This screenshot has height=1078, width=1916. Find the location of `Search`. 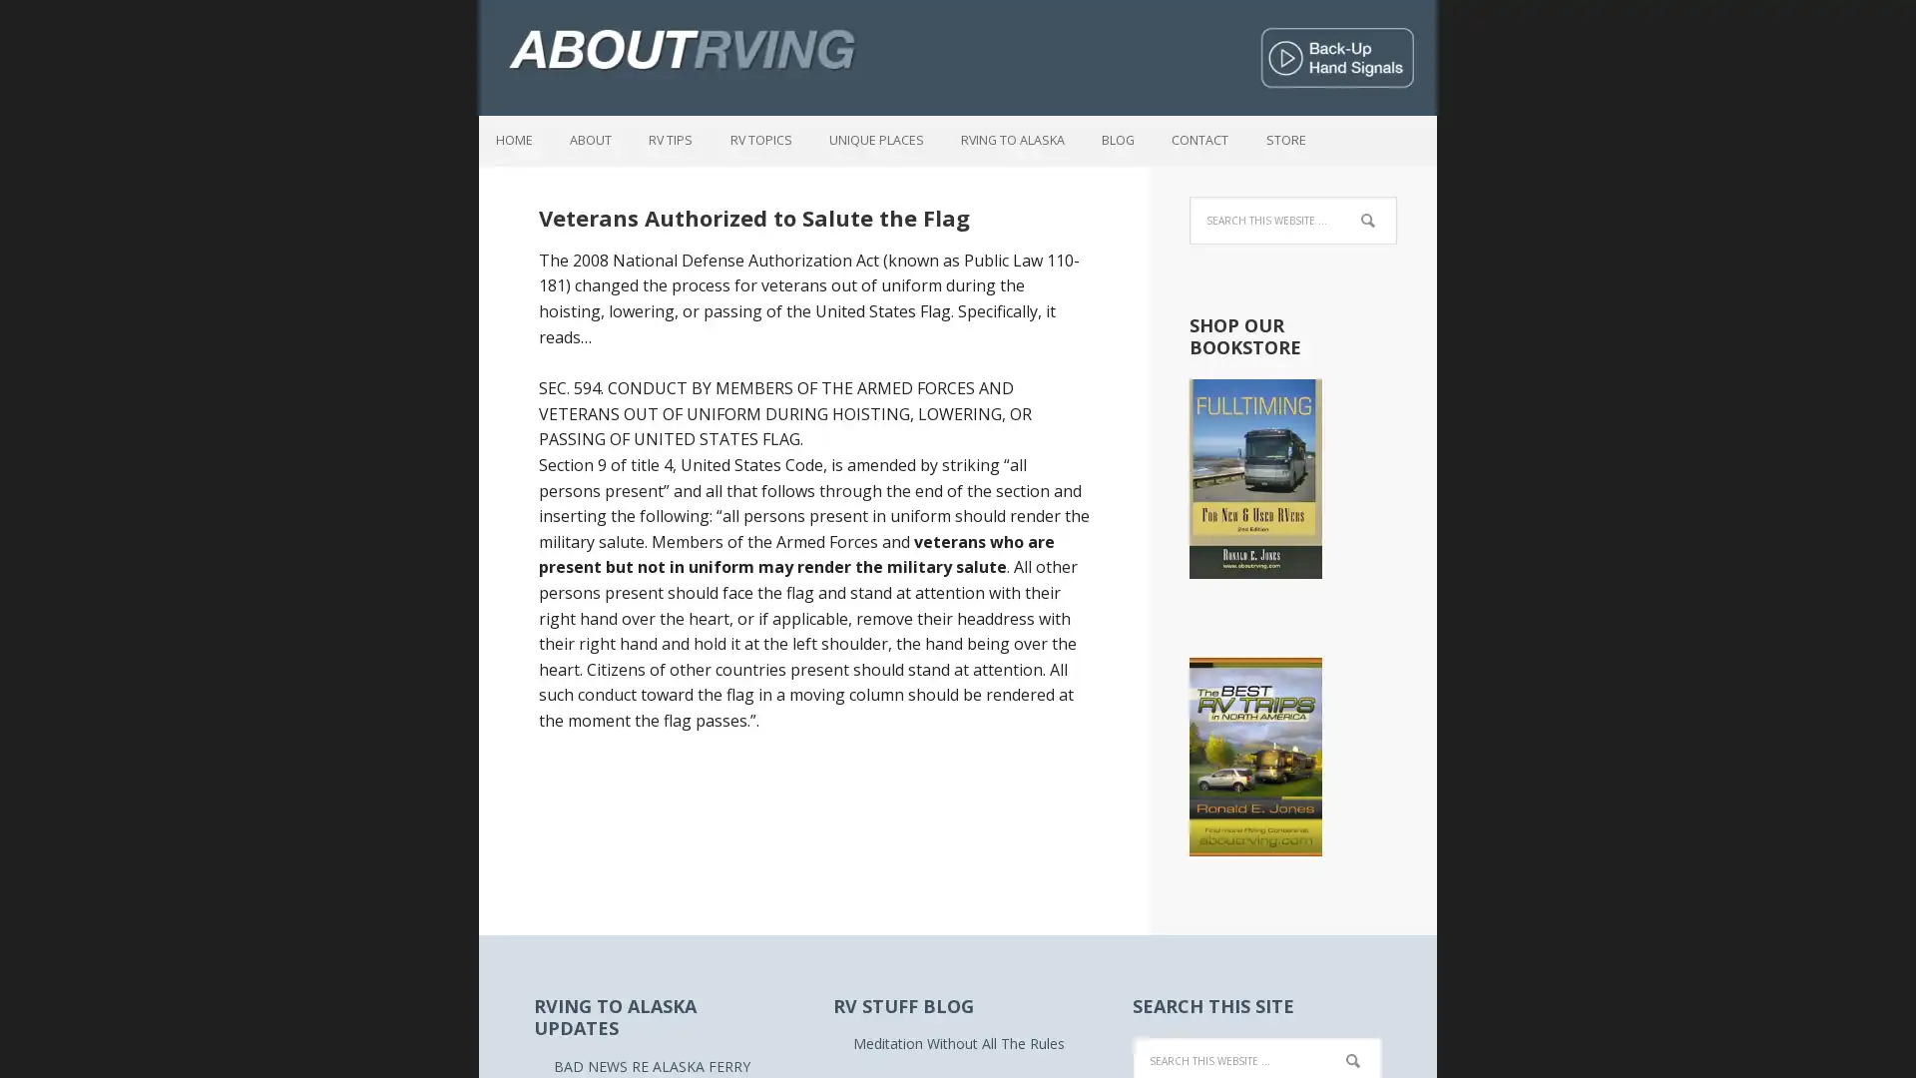

Search is located at coordinates (1379, 1049).